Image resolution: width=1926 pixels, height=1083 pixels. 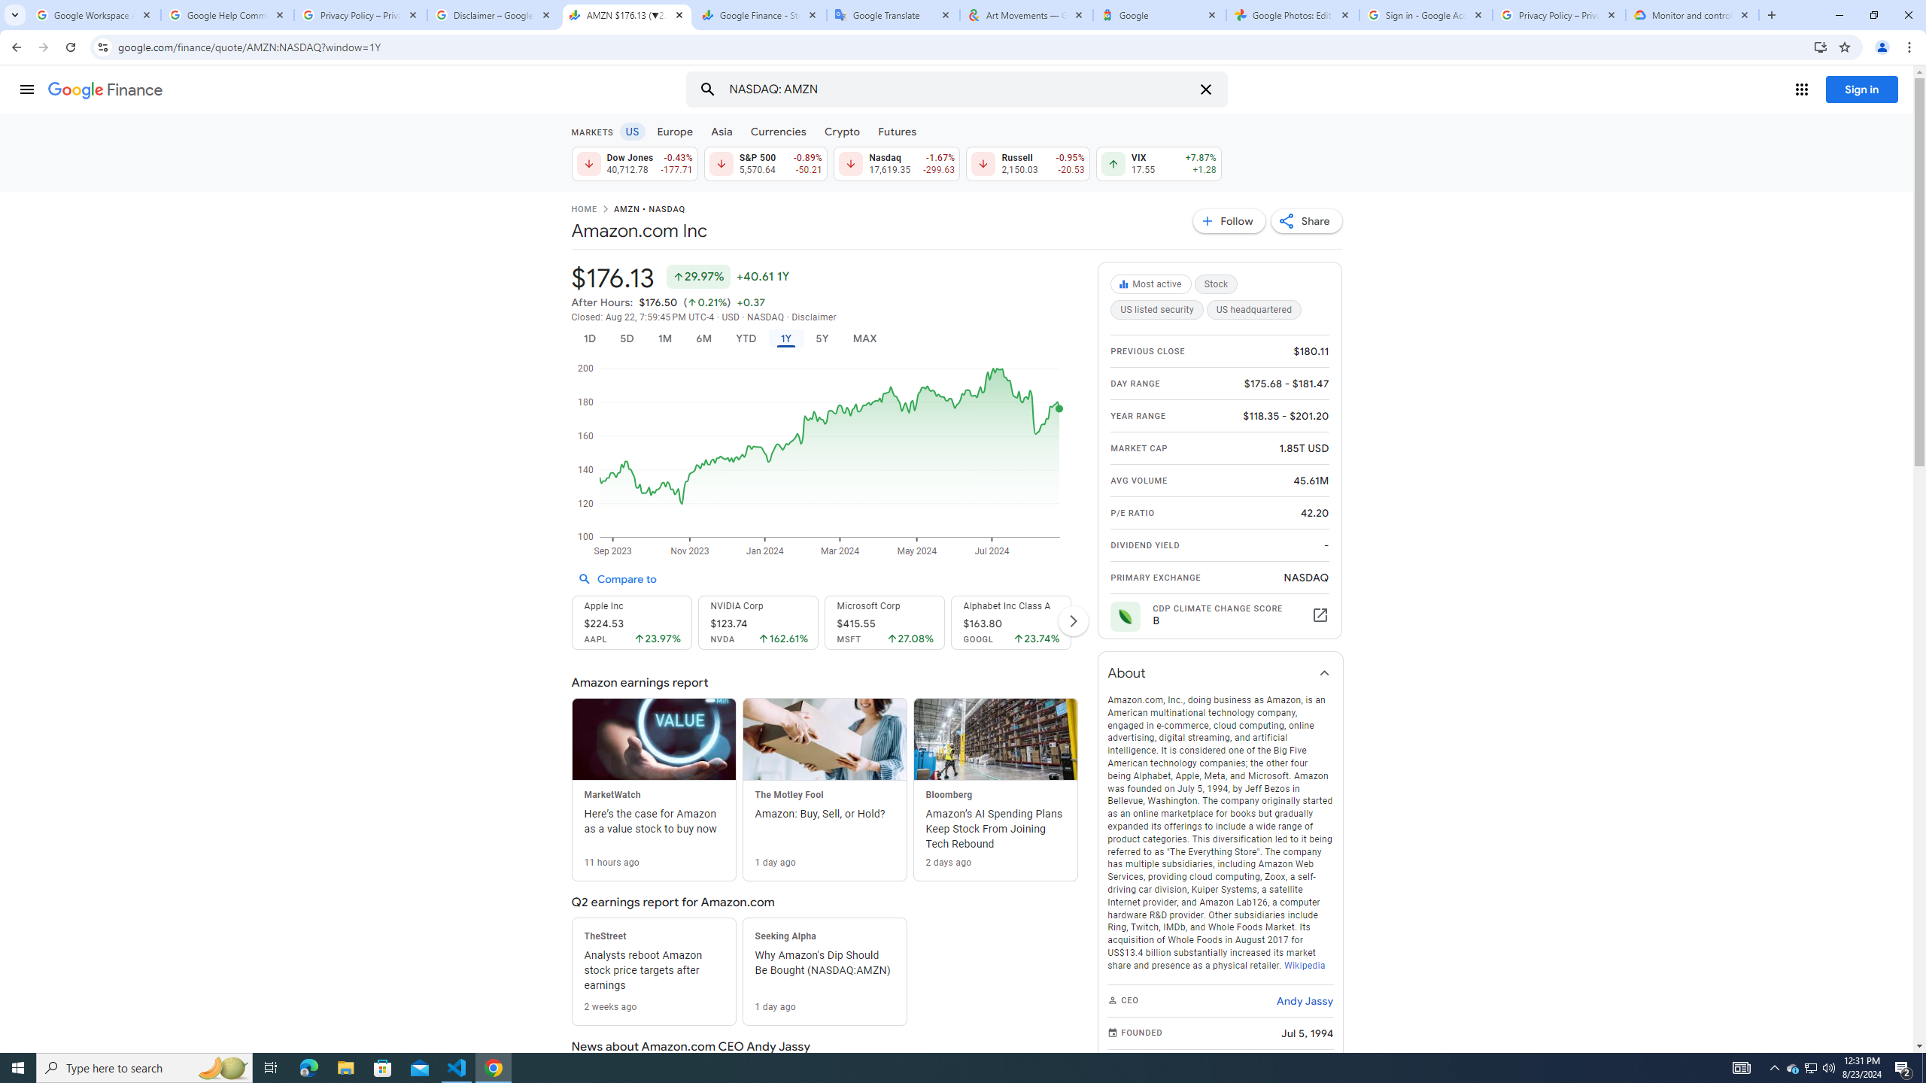 What do you see at coordinates (631, 130) in the screenshot?
I see `'US'` at bounding box center [631, 130].